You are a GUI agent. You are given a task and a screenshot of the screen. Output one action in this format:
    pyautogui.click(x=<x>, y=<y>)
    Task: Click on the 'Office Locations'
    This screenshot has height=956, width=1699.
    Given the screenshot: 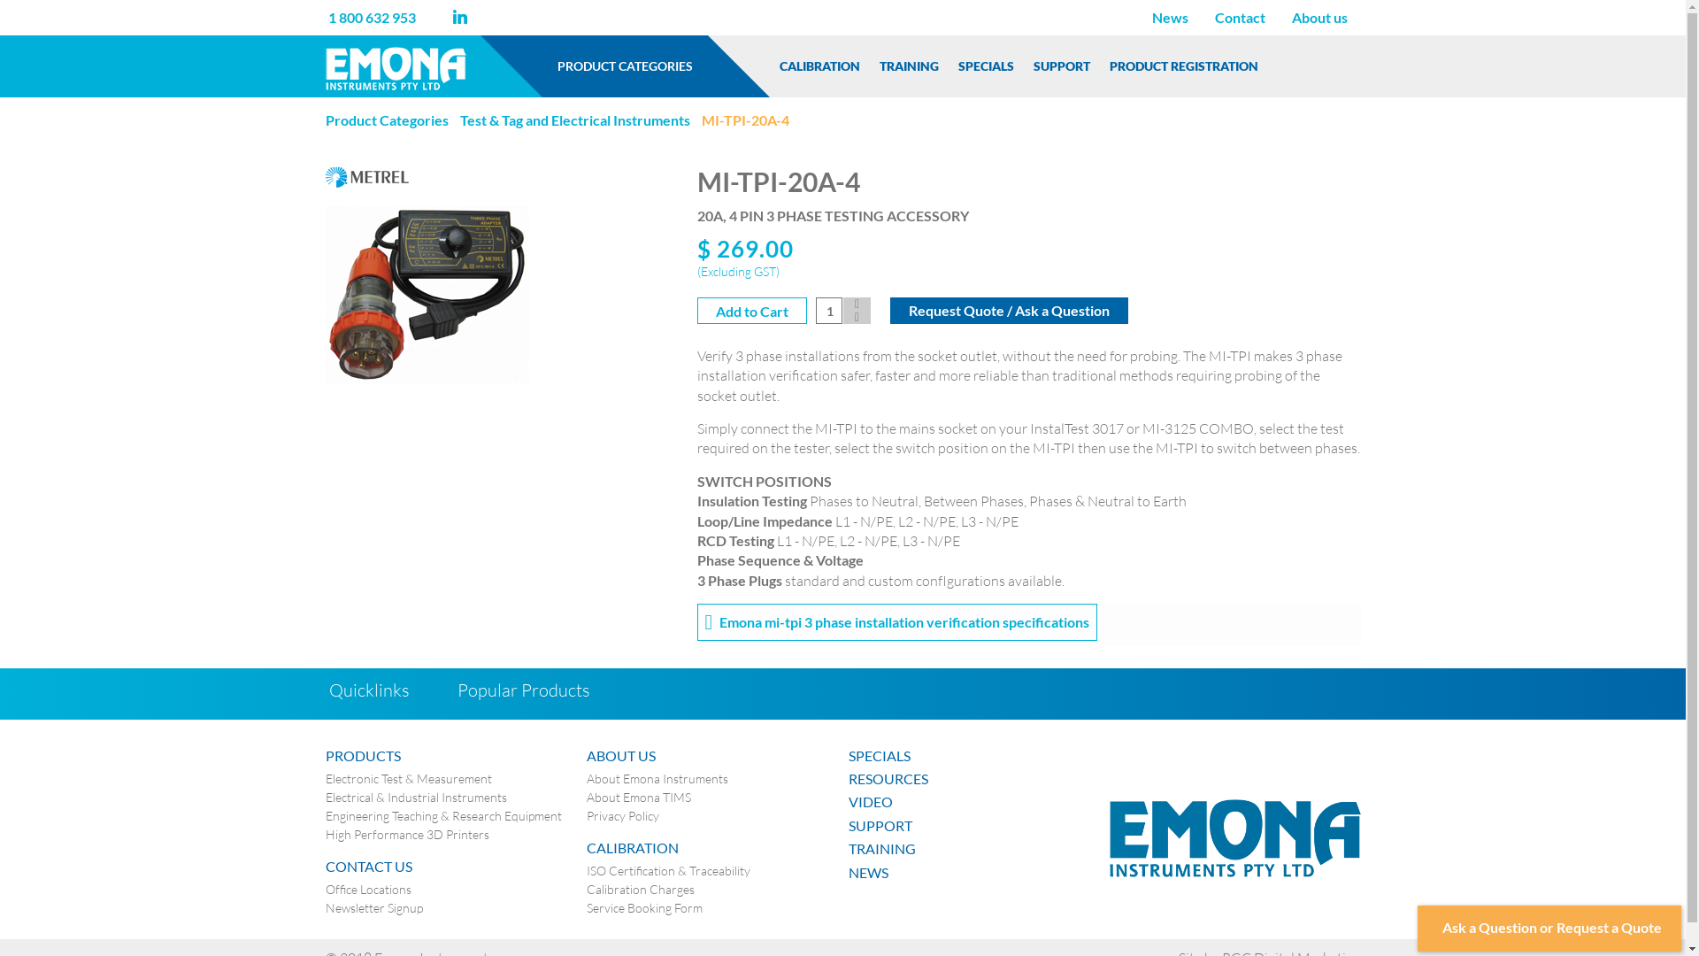 What is the action you would take?
    pyautogui.click(x=367, y=890)
    